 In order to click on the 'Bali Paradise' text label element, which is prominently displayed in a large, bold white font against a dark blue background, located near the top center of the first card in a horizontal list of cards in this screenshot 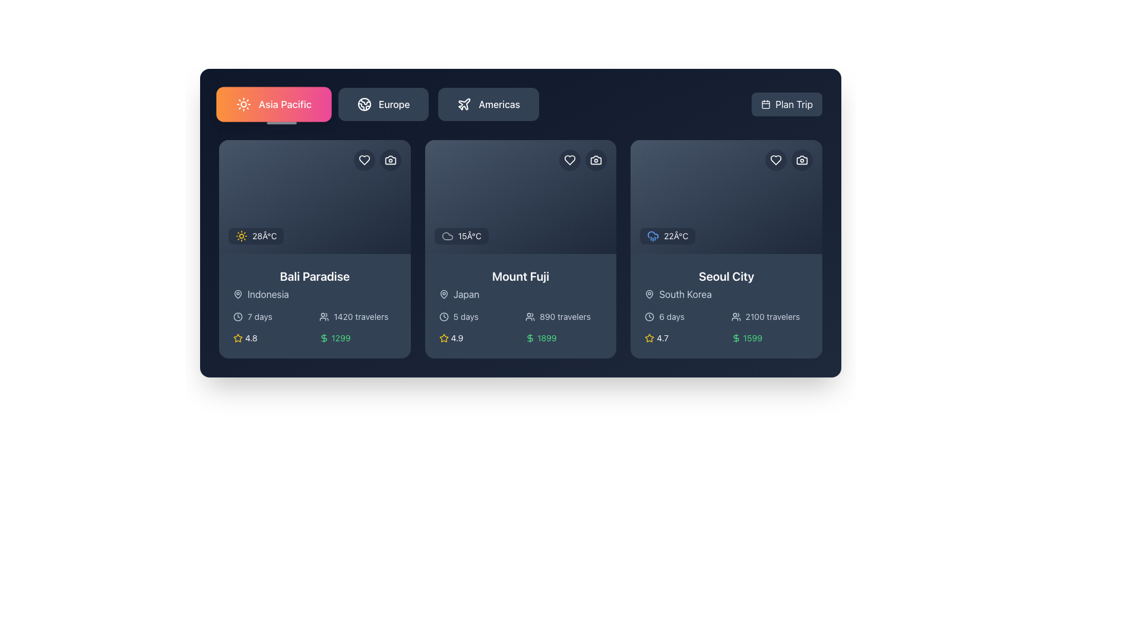, I will do `click(315, 277)`.